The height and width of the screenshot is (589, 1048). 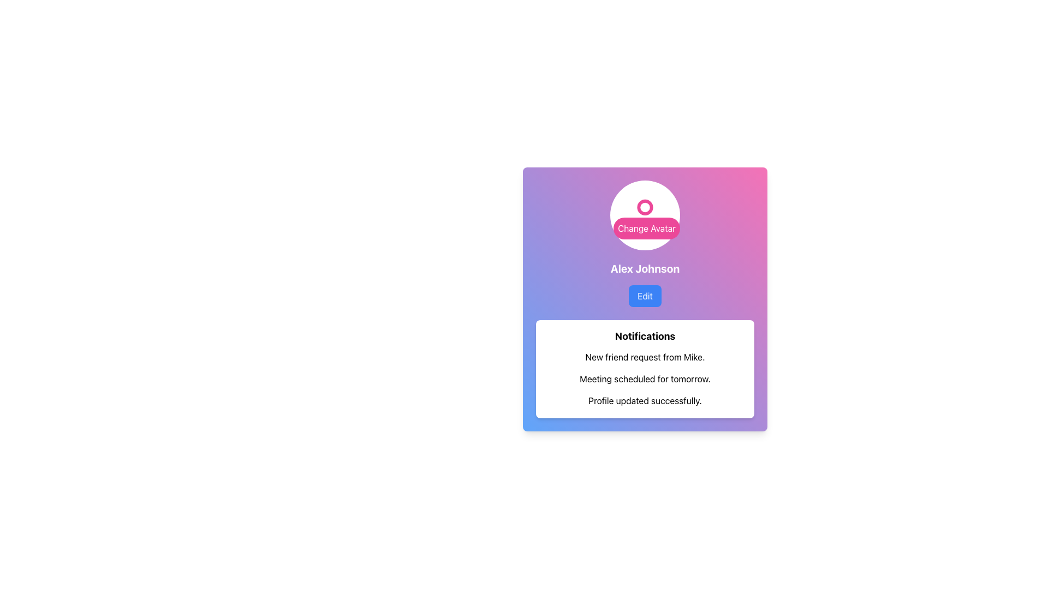 I want to click on the circular icon representing a user or avatar, styled in pink, located at the top-center of the card layout above the 'Change Avatar' text, so click(x=645, y=215).